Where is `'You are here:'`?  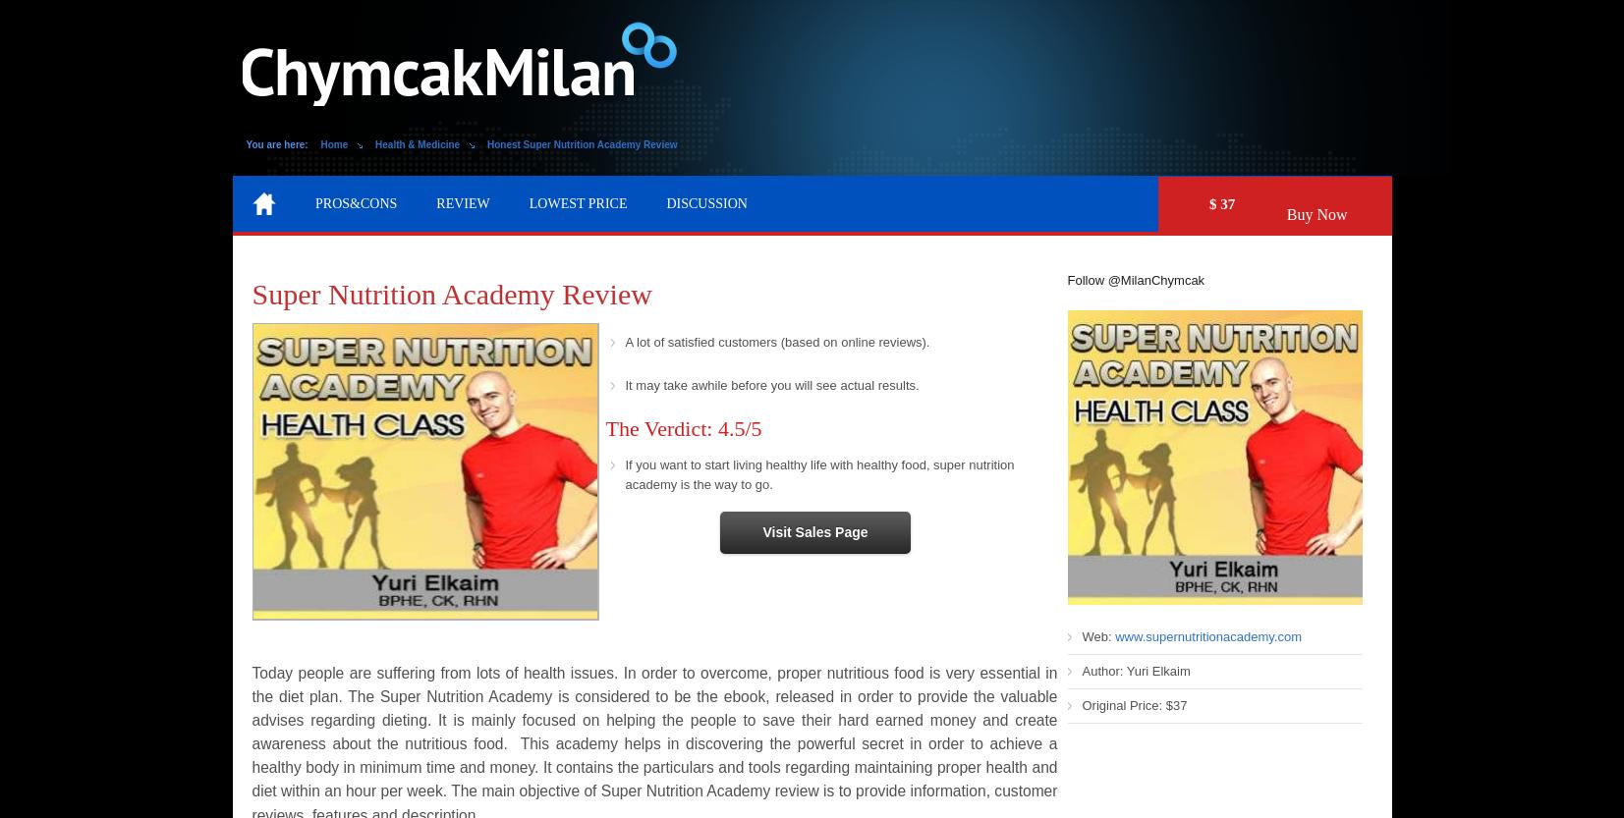 'You are here:' is located at coordinates (275, 144).